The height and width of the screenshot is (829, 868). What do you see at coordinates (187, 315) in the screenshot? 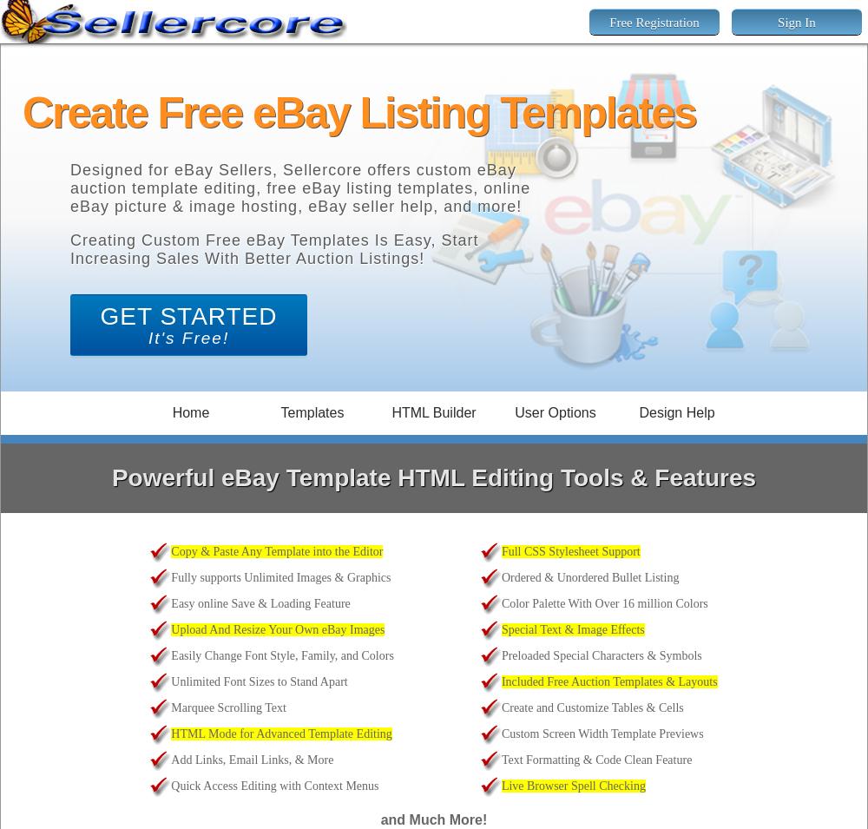
I see `'GET STARTED'` at bounding box center [187, 315].